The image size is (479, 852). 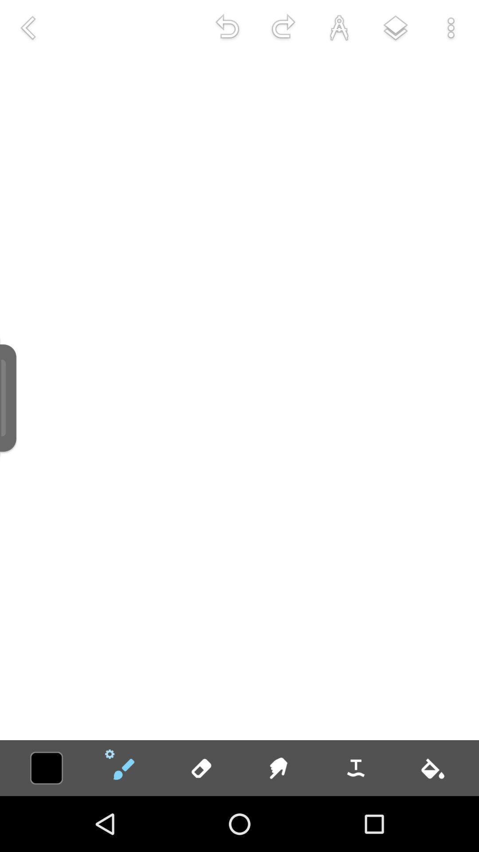 I want to click on the font icon, so click(x=339, y=28).